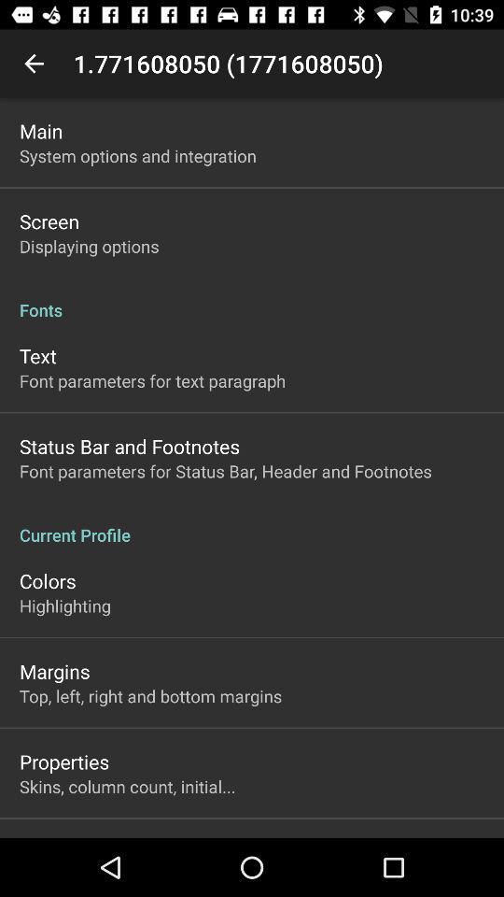 The image size is (504, 897). Describe the element at coordinates (48, 579) in the screenshot. I see `item above highlighting` at that location.